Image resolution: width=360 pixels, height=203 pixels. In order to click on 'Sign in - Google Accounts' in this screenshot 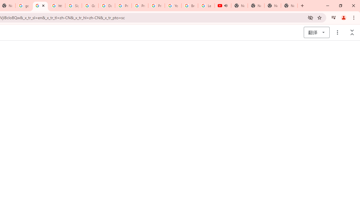, I will do `click(73, 6)`.